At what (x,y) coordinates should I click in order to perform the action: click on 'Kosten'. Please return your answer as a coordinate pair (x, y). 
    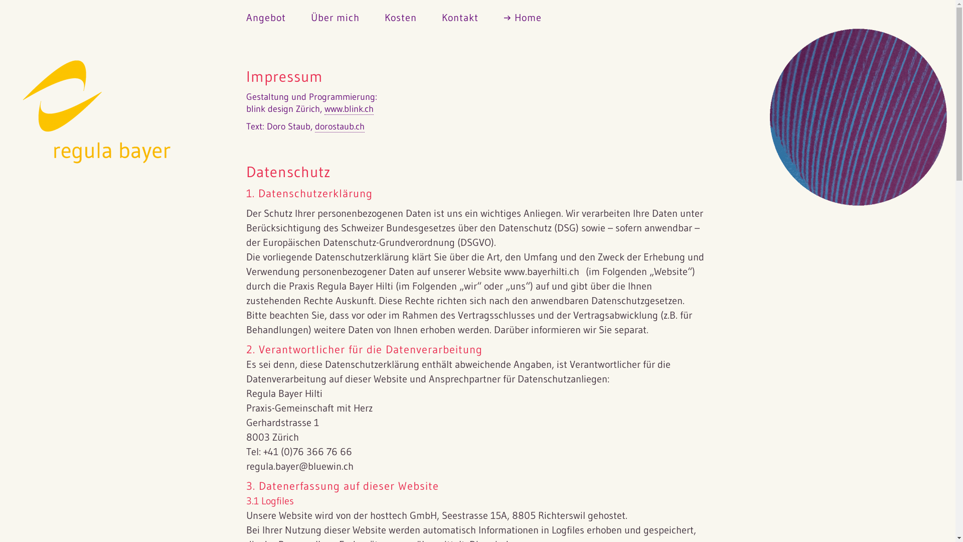
    Looking at the image, I should click on (400, 15).